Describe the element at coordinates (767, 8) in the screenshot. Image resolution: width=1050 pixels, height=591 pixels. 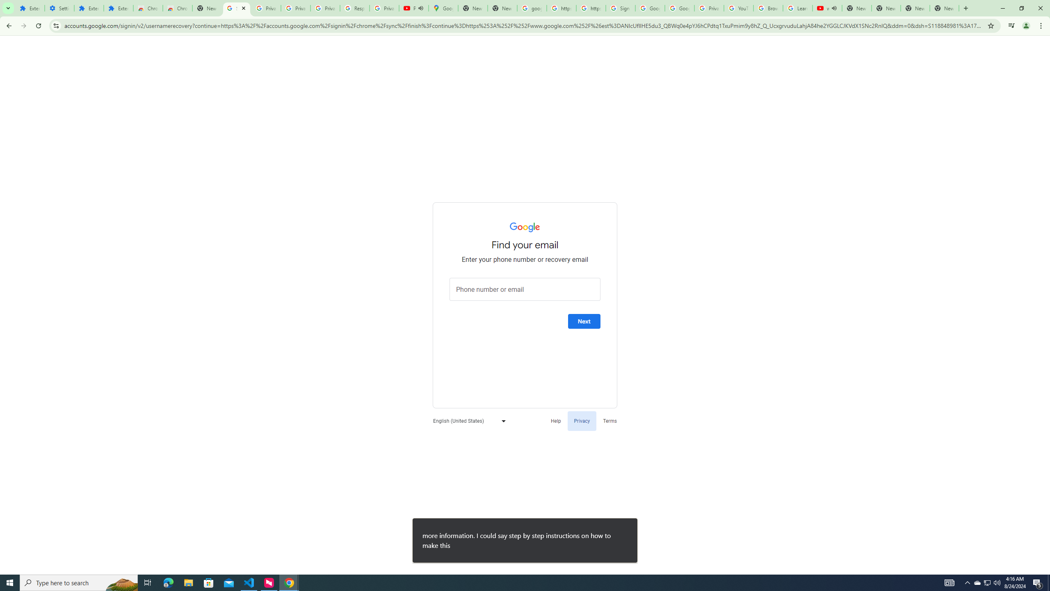
I see `'Browse Chrome as a guest - Computer - Google Chrome Help'` at that location.